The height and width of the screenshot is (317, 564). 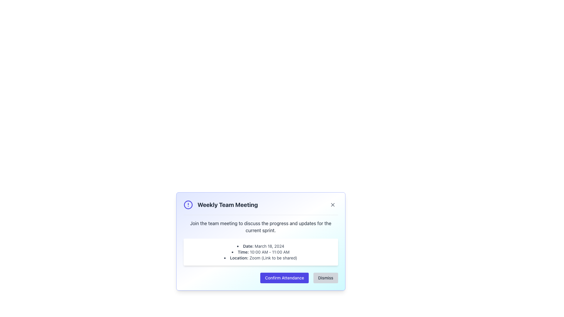 What do you see at coordinates (260, 252) in the screenshot?
I see `the text display that shows 'Time: 10:00 AM - 11:00 AM', which is the second item in a vertical list inside a card, positioned below 'Date: March 18, 2024' and above 'Location: Zoom (Link to be shared)'` at bounding box center [260, 252].